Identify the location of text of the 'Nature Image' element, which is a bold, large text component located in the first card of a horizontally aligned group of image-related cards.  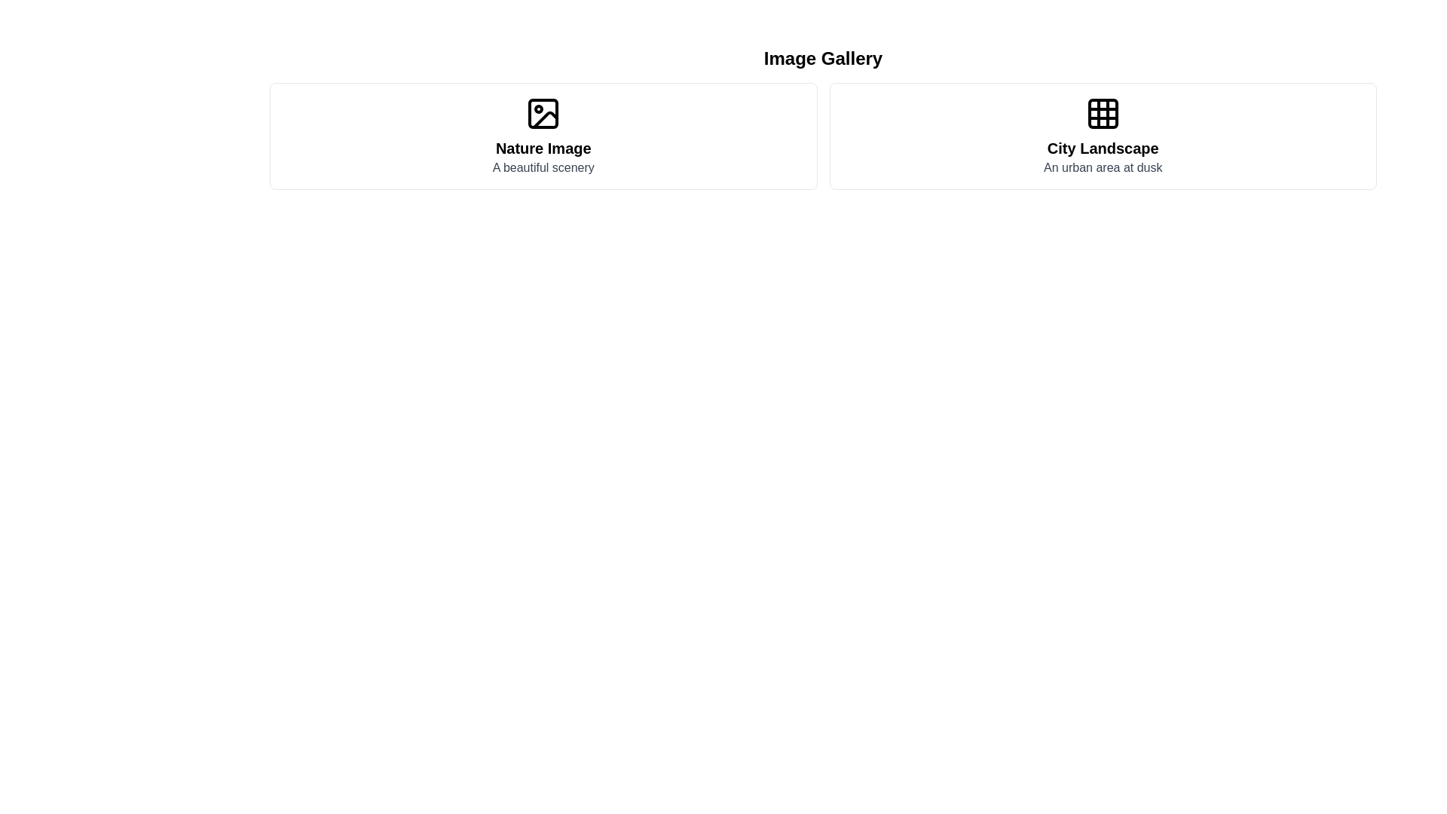
(543, 148).